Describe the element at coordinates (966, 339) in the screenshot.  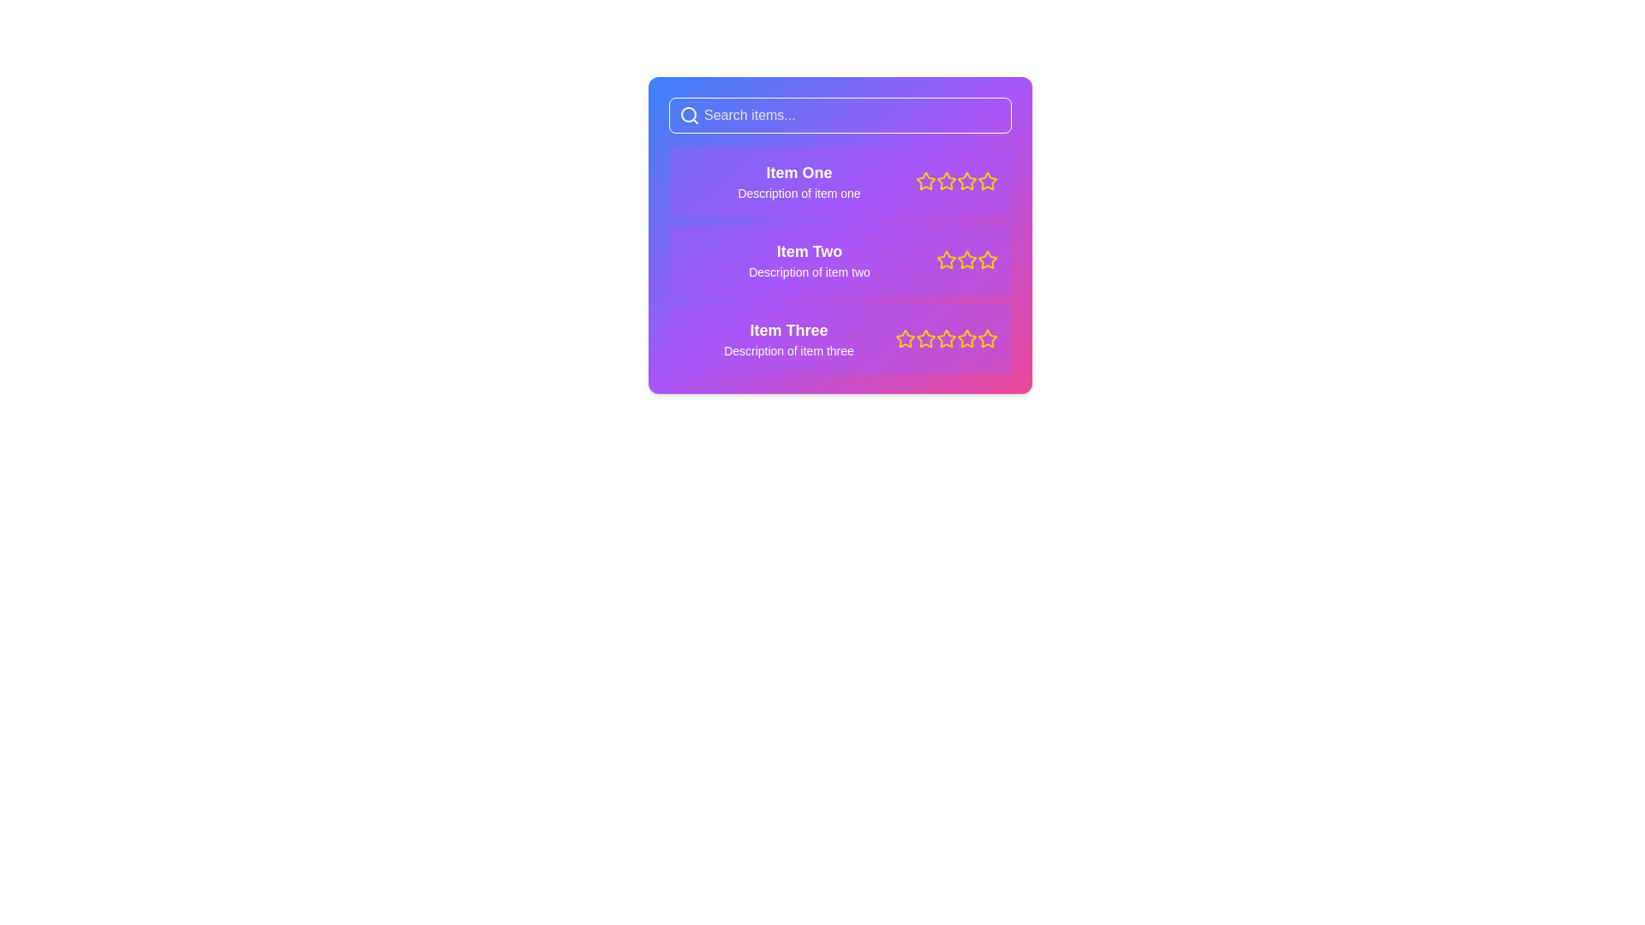
I see `the fifth star icon in the rating system` at that location.